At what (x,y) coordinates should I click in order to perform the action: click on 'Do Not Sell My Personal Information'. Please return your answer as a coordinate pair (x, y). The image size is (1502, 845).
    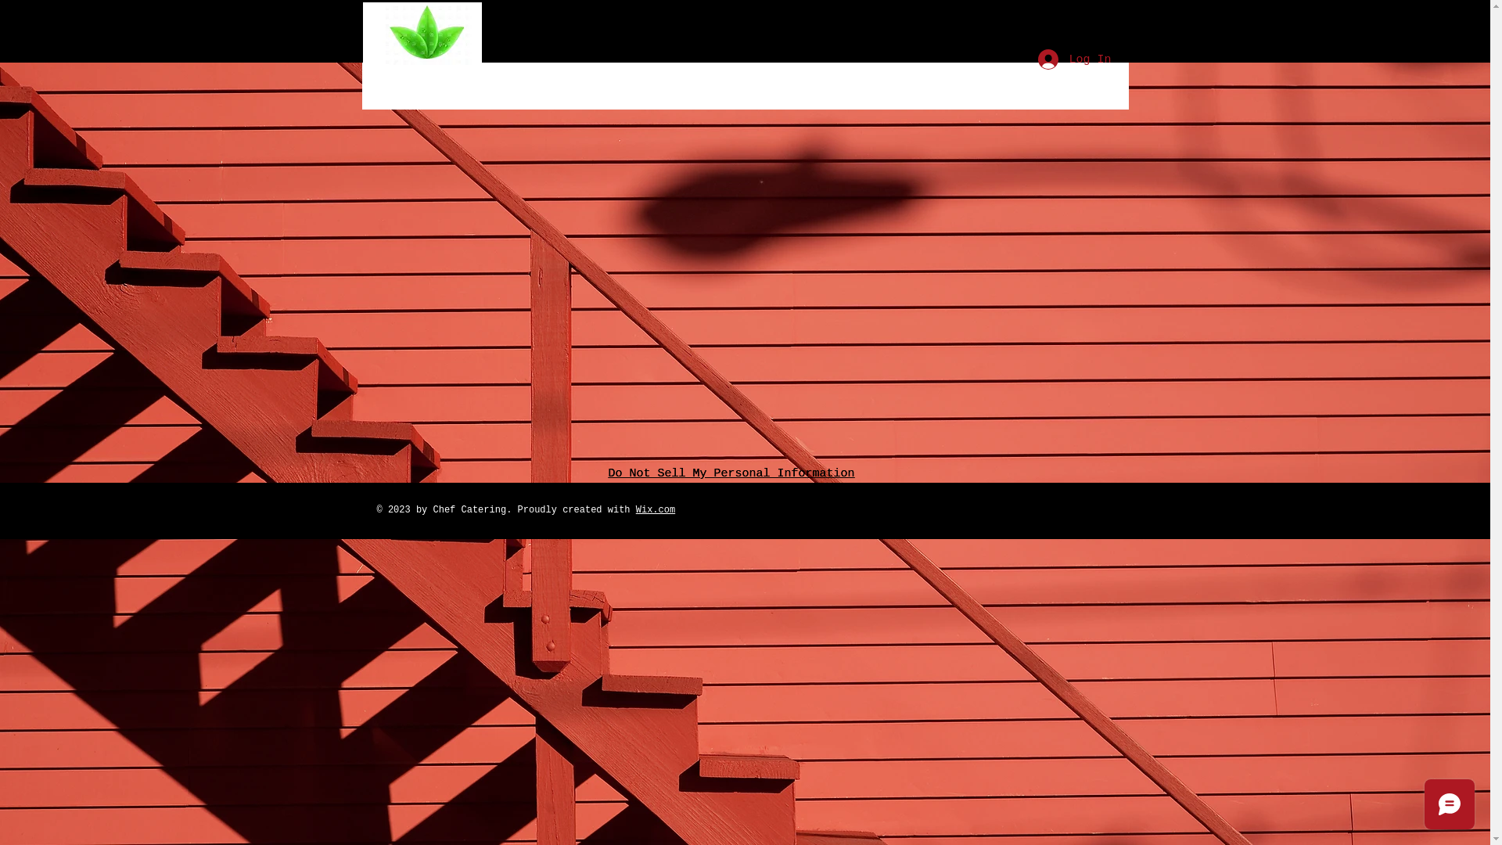
    Looking at the image, I should click on (731, 473).